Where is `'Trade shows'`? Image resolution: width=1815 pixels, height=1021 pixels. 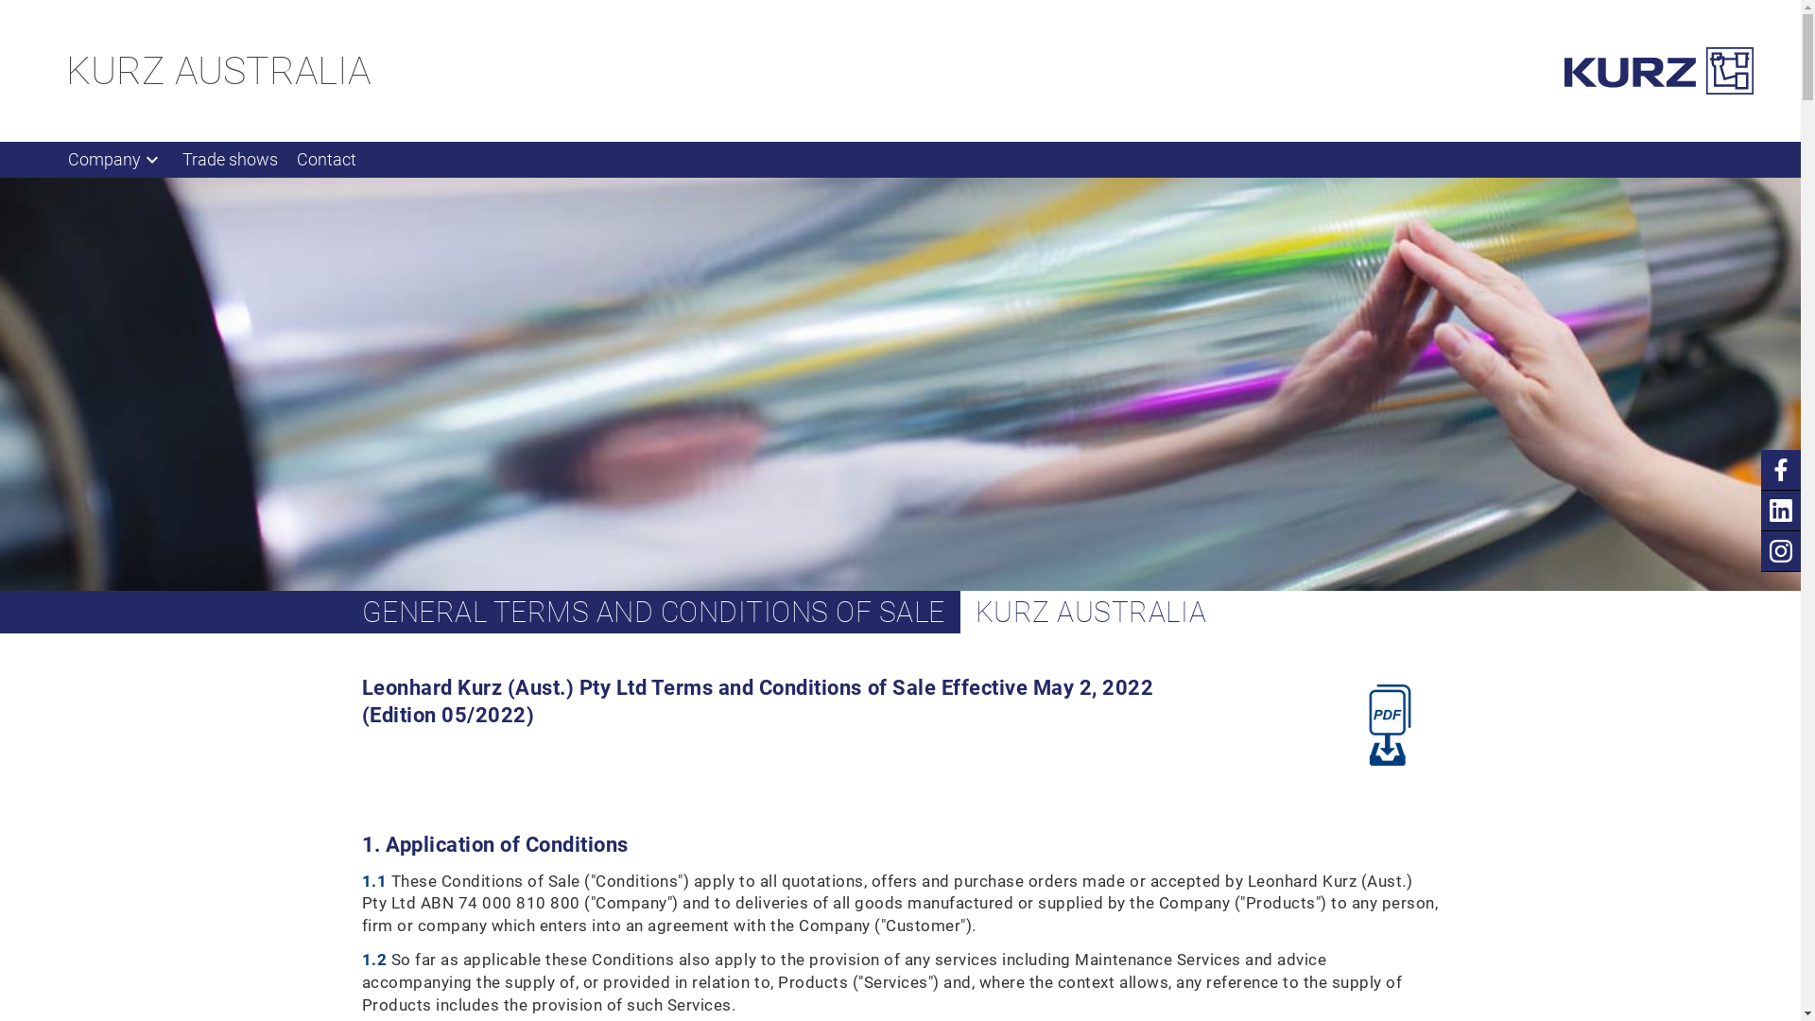 'Trade shows' is located at coordinates (229, 159).